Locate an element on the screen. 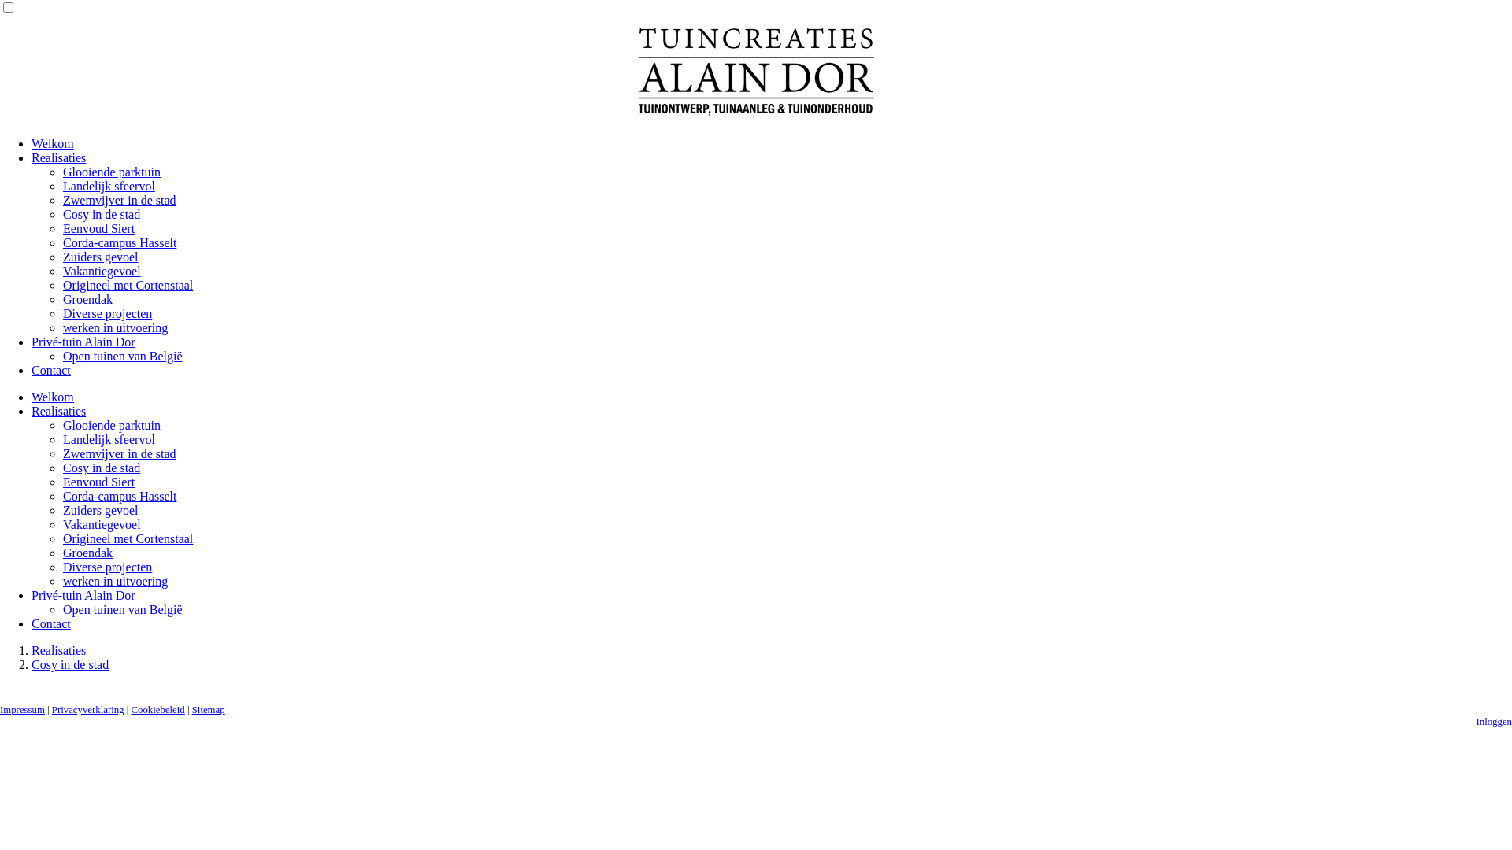 This screenshot has height=850, width=1512. 'Realisaties' is located at coordinates (58, 410).